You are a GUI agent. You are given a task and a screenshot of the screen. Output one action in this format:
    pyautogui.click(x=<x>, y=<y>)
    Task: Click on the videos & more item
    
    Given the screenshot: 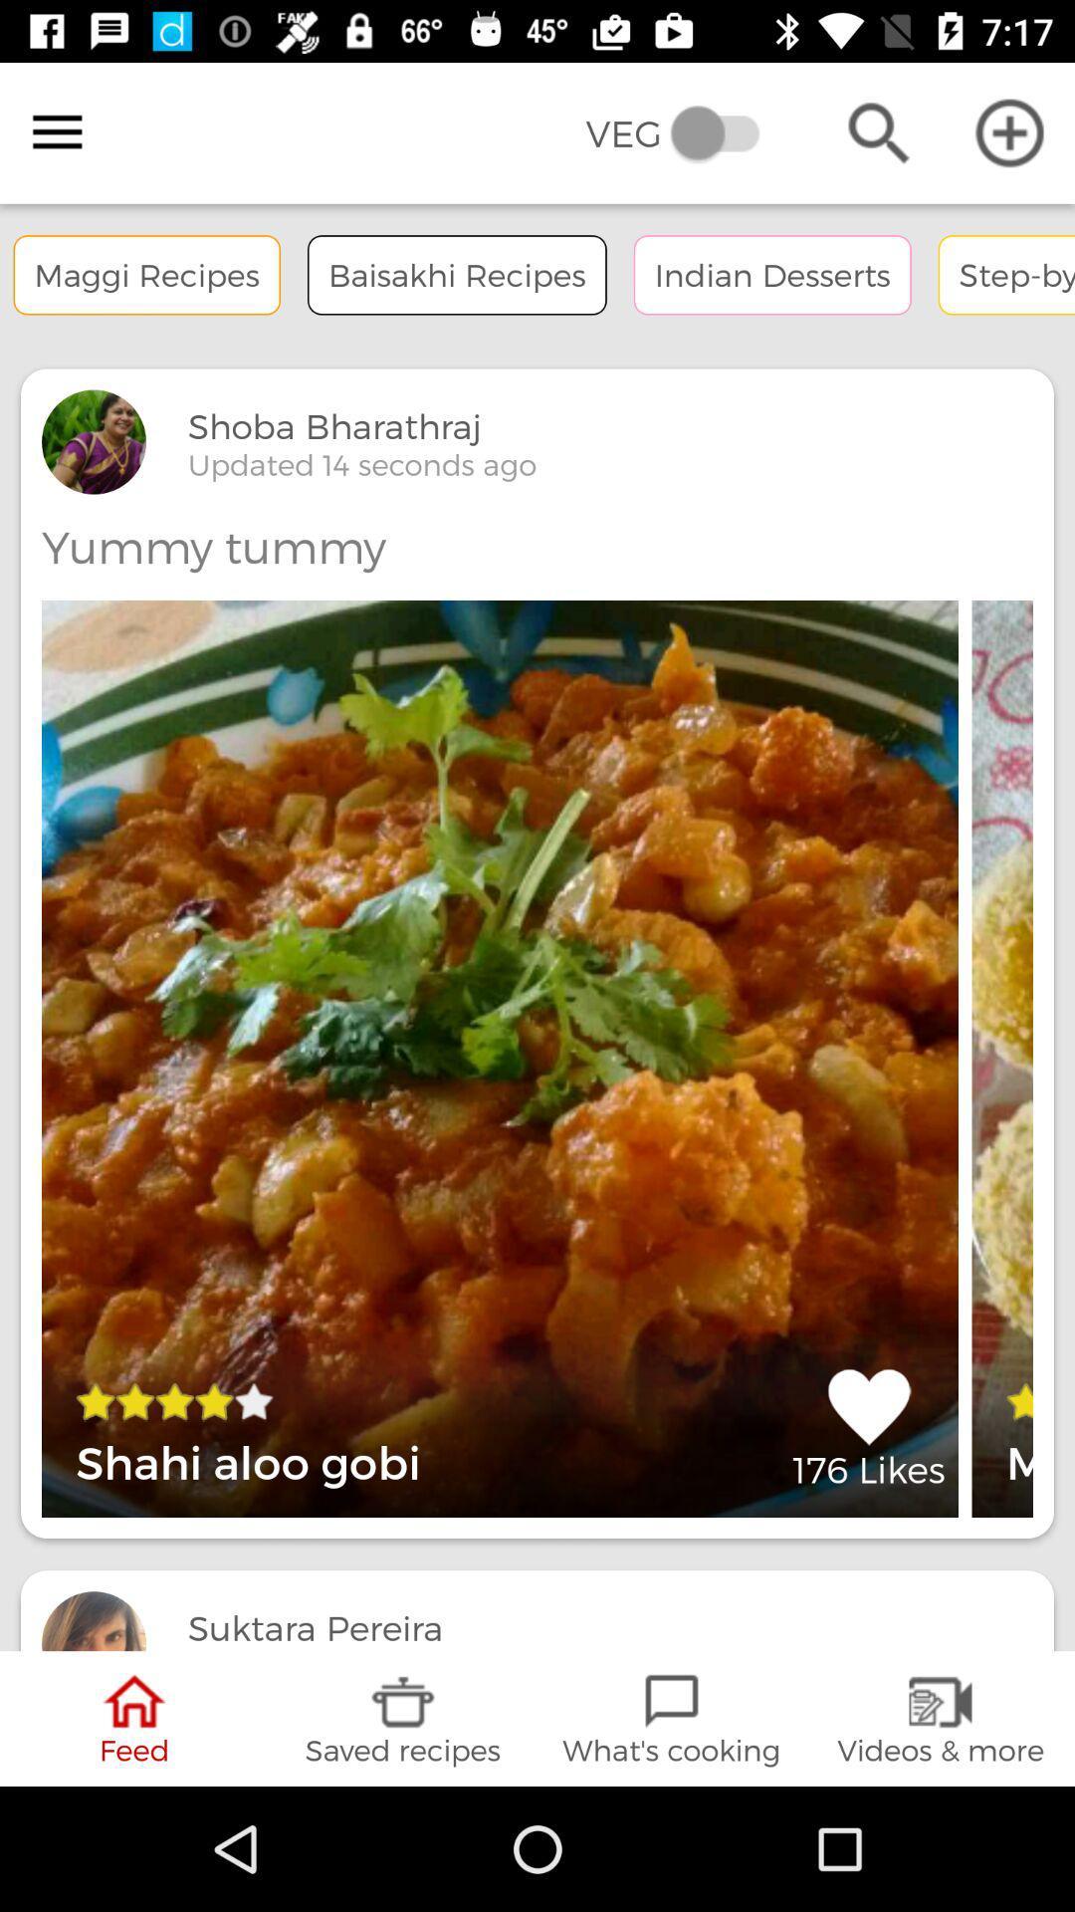 What is the action you would take?
    pyautogui.click(x=941, y=1718)
    